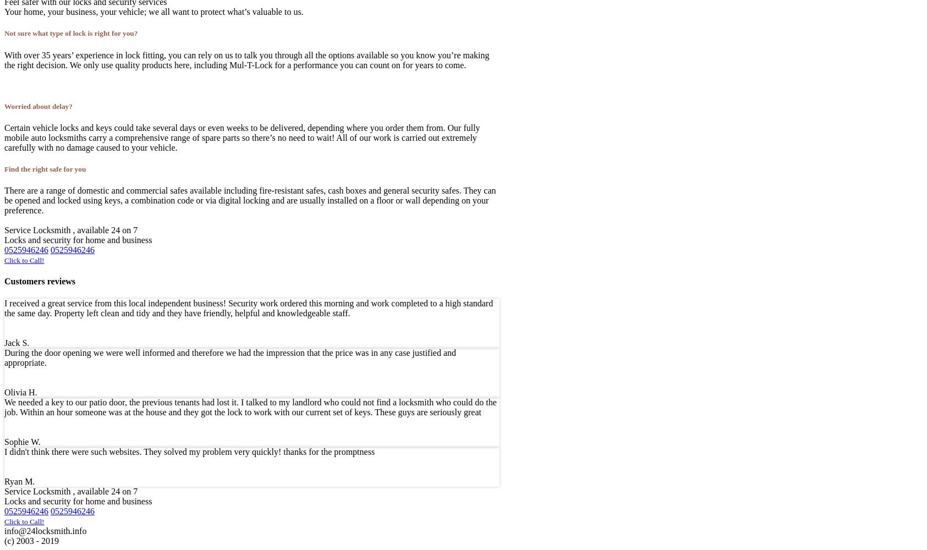  I want to click on '(с) 2003 - 2019', so click(31, 540).